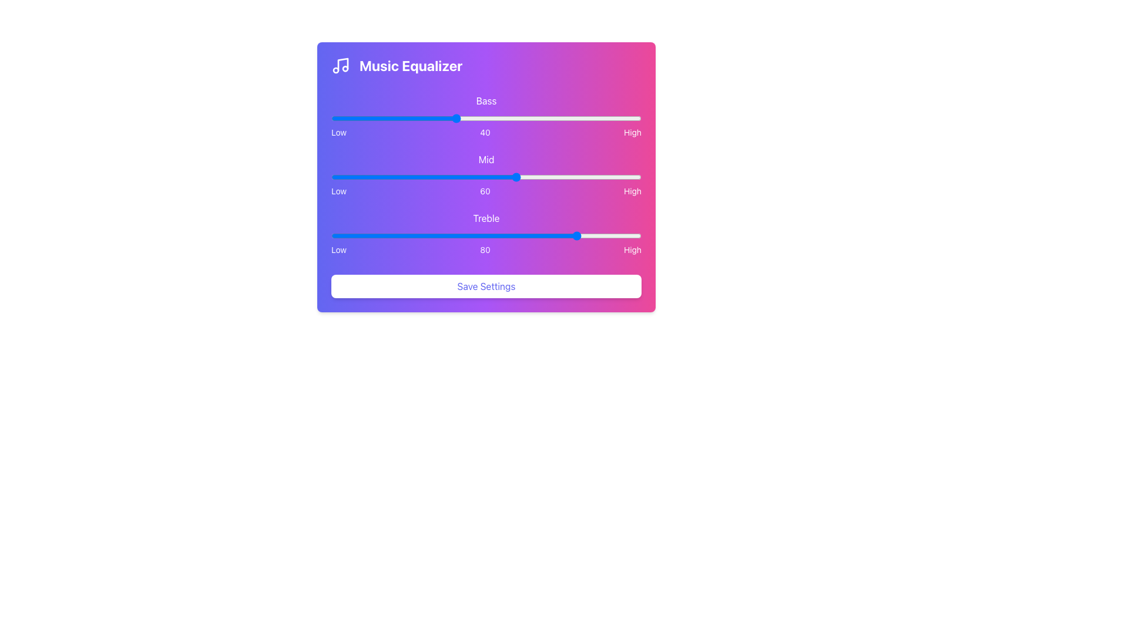  What do you see at coordinates (523, 118) in the screenshot?
I see `the bass level` at bounding box center [523, 118].